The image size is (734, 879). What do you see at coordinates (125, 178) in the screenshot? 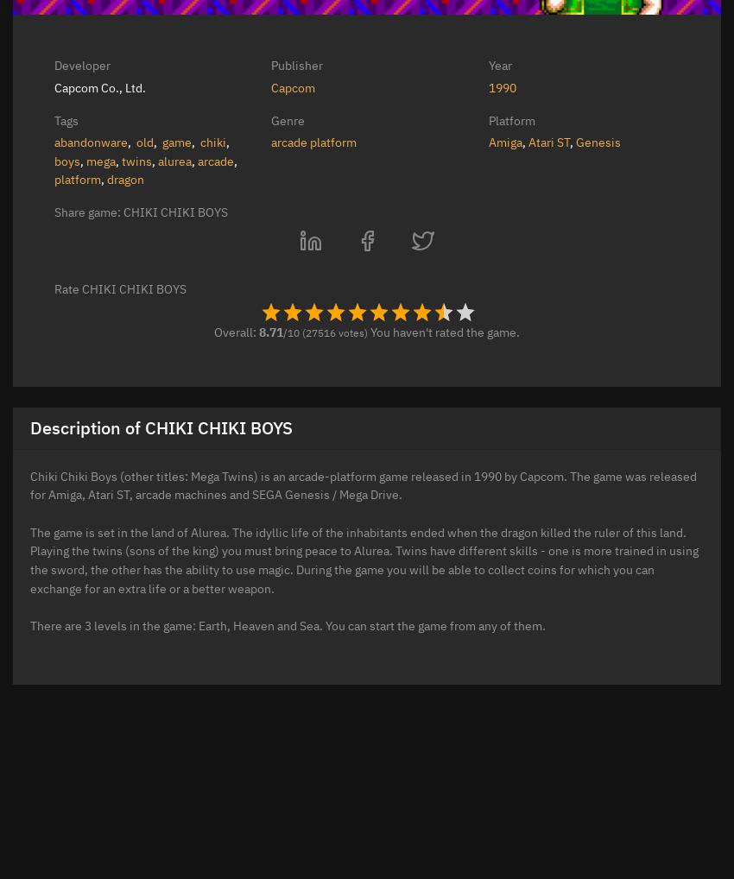
I see `'dragon'` at bounding box center [125, 178].